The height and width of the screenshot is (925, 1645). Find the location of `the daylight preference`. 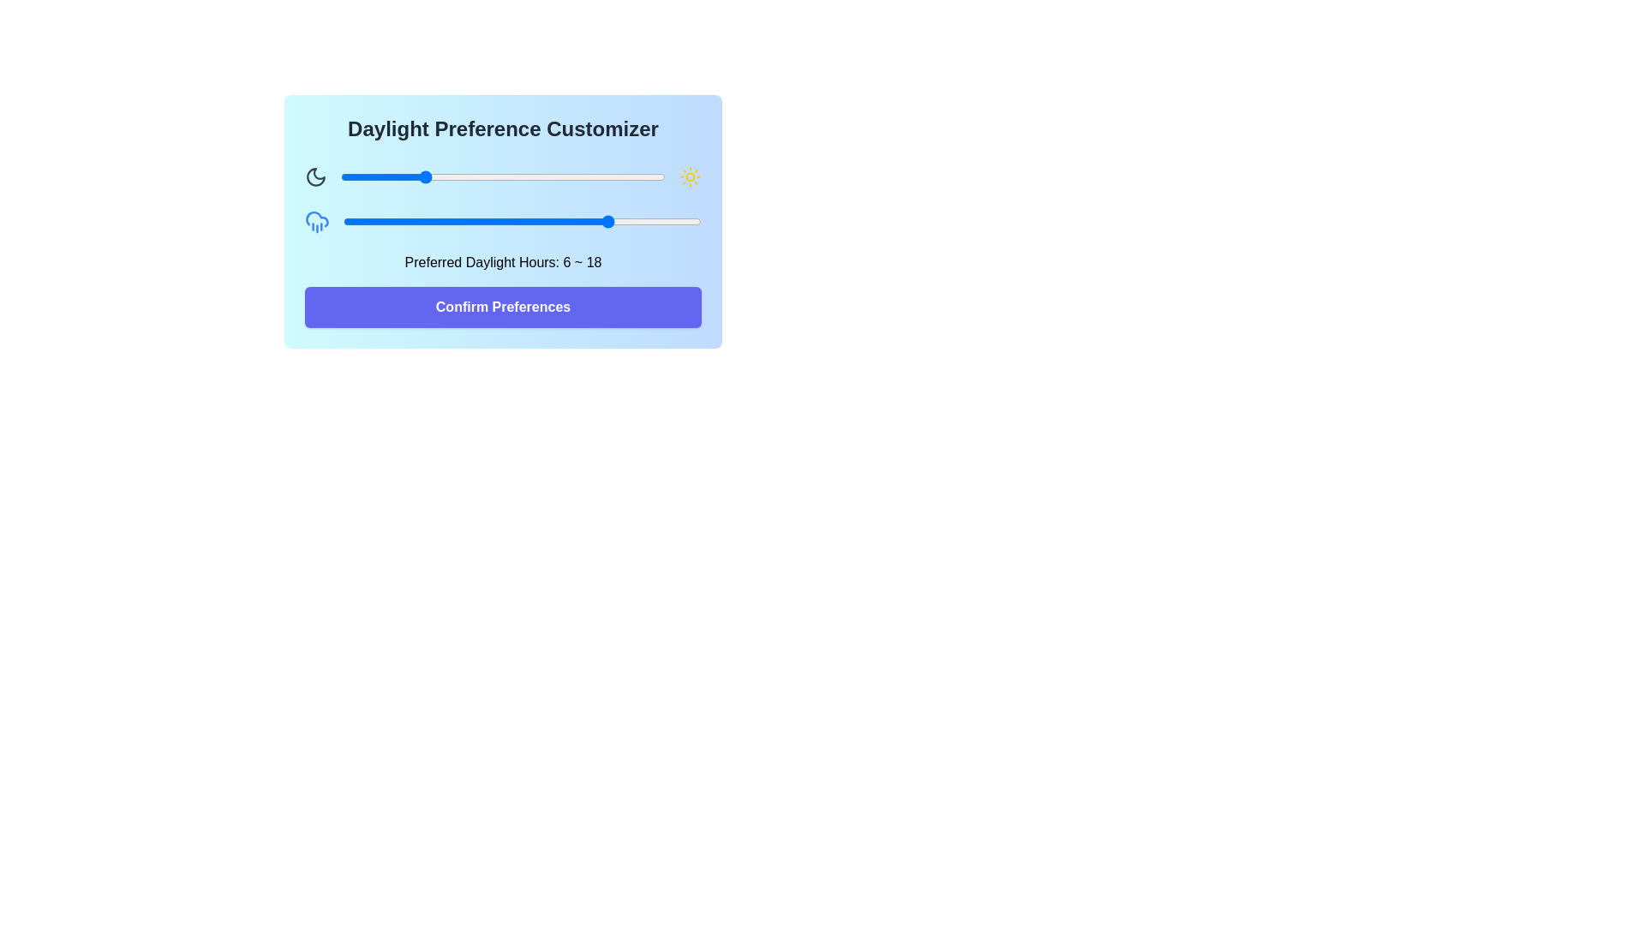

the daylight preference is located at coordinates (367, 177).